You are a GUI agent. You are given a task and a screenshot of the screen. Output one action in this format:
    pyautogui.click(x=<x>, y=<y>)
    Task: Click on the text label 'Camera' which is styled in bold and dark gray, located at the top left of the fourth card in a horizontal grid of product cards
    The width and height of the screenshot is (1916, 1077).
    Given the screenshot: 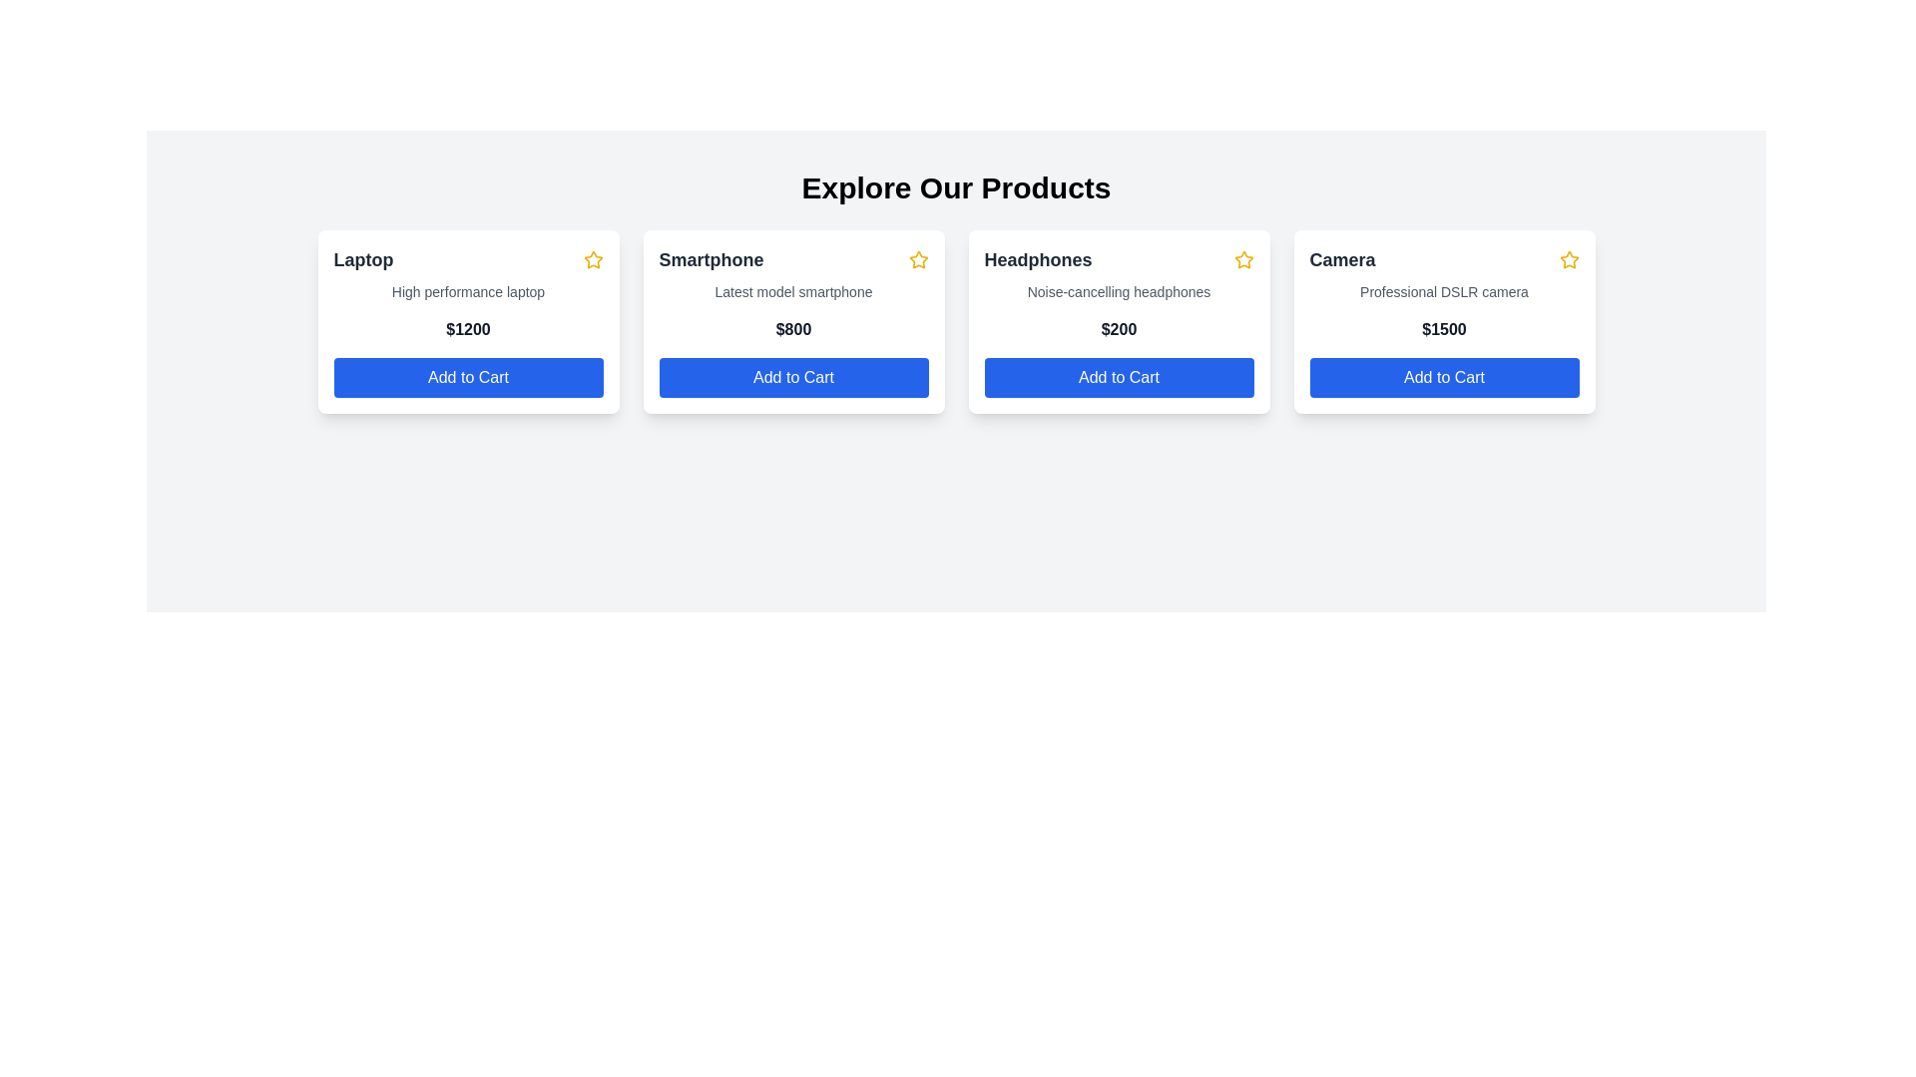 What is the action you would take?
    pyautogui.click(x=1342, y=259)
    